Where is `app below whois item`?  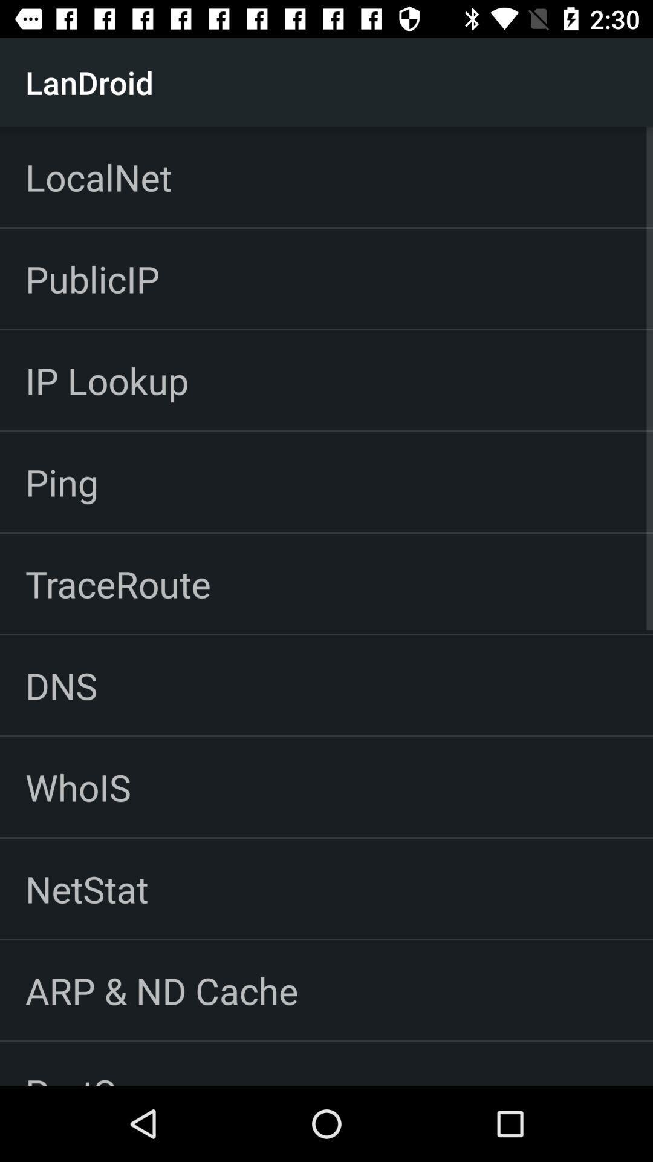
app below whois item is located at coordinates (86, 888).